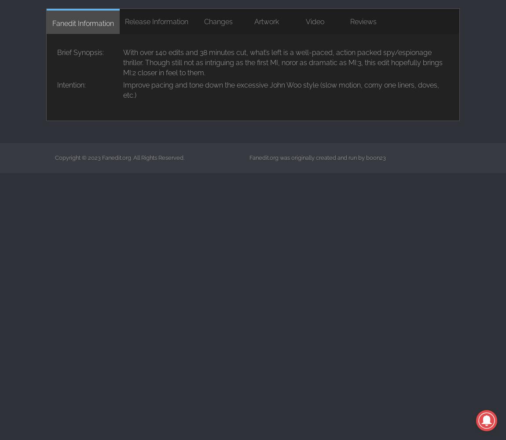  What do you see at coordinates (203, 74) in the screenshot?
I see `'Star Trek'` at bounding box center [203, 74].